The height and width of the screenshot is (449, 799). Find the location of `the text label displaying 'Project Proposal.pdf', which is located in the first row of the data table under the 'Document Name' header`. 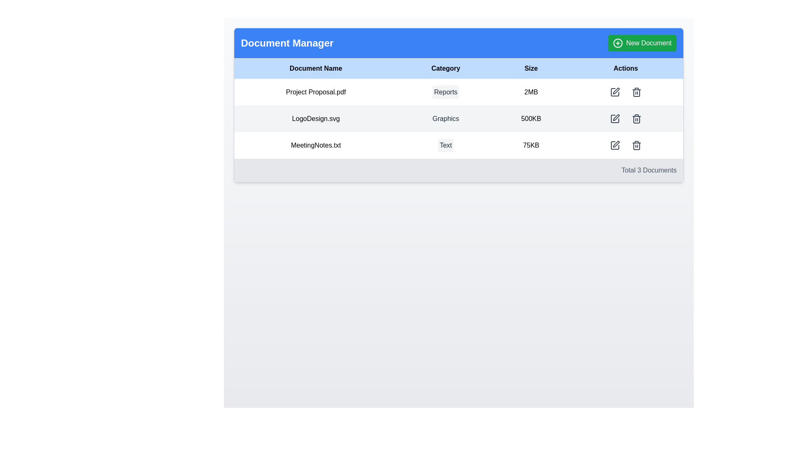

the text label displaying 'Project Proposal.pdf', which is located in the first row of the data table under the 'Document Name' header is located at coordinates (315, 92).